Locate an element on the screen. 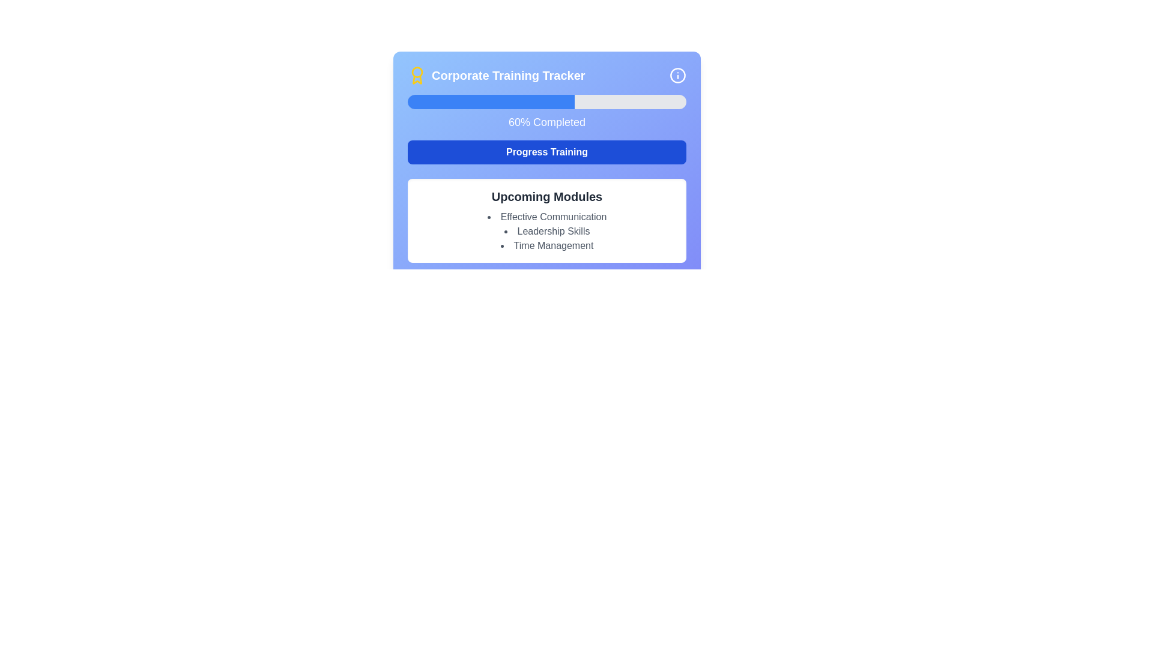 The image size is (1153, 648). the decorative circle that is part of the award icon located to the left of the text 'Corporate Training Tracker' is located at coordinates (417, 71).